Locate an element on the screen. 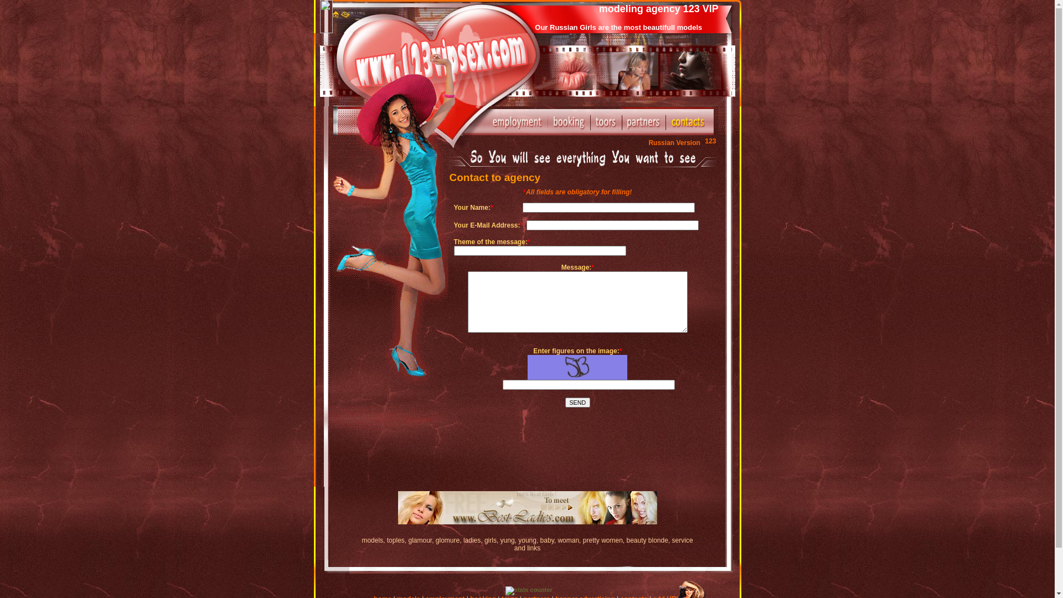 The height and width of the screenshot is (598, 1063). 'Russian Version  ' is located at coordinates (648, 142).